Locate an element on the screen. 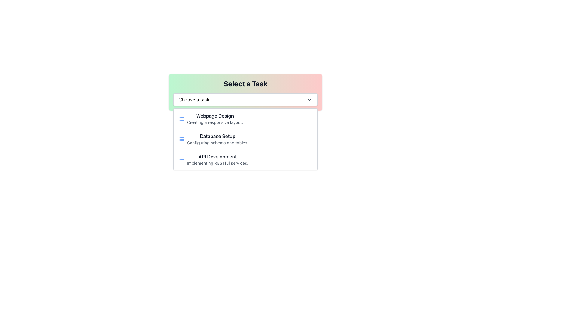 The image size is (577, 324). the 'API Development' option in the dropdown menu is located at coordinates (245, 159).